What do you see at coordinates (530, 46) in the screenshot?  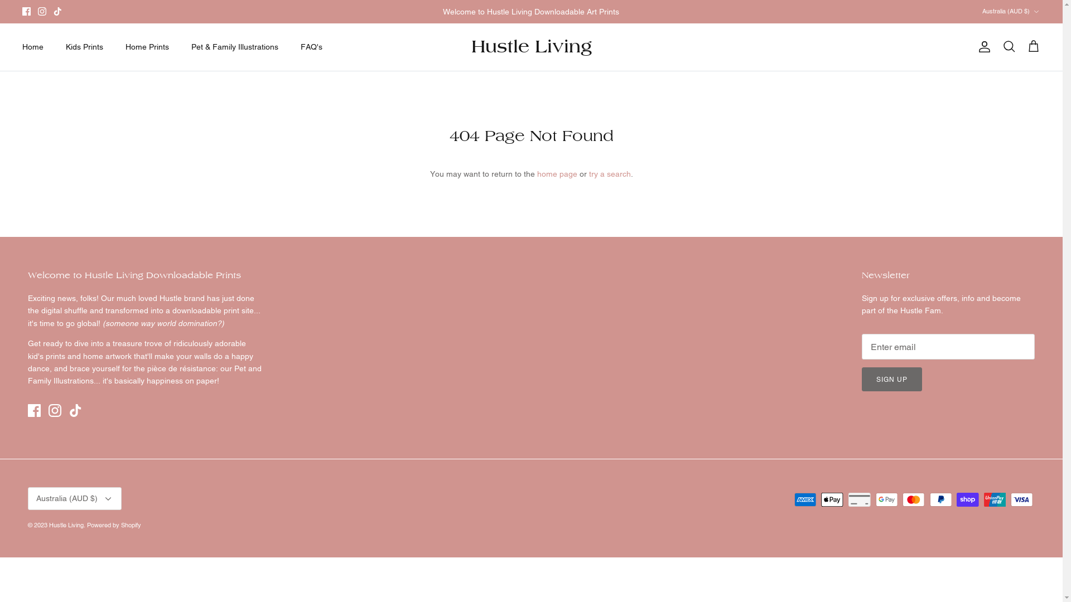 I see `'Hustle Living'` at bounding box center [530, 46].